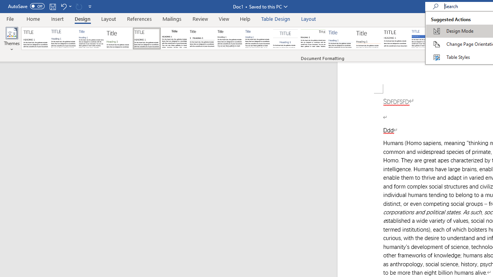 This screenshot has width=493, height=277. I want to click on 'Word', so click(452, 38).